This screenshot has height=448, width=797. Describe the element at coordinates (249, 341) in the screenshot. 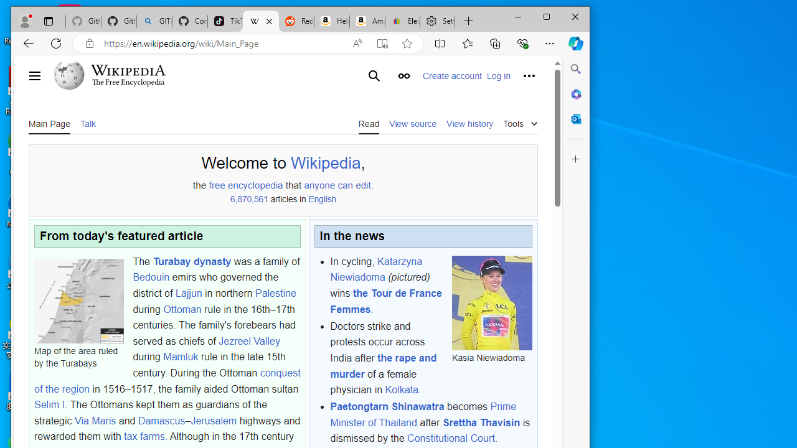

I see `'Jezreel Valley'` at that location.